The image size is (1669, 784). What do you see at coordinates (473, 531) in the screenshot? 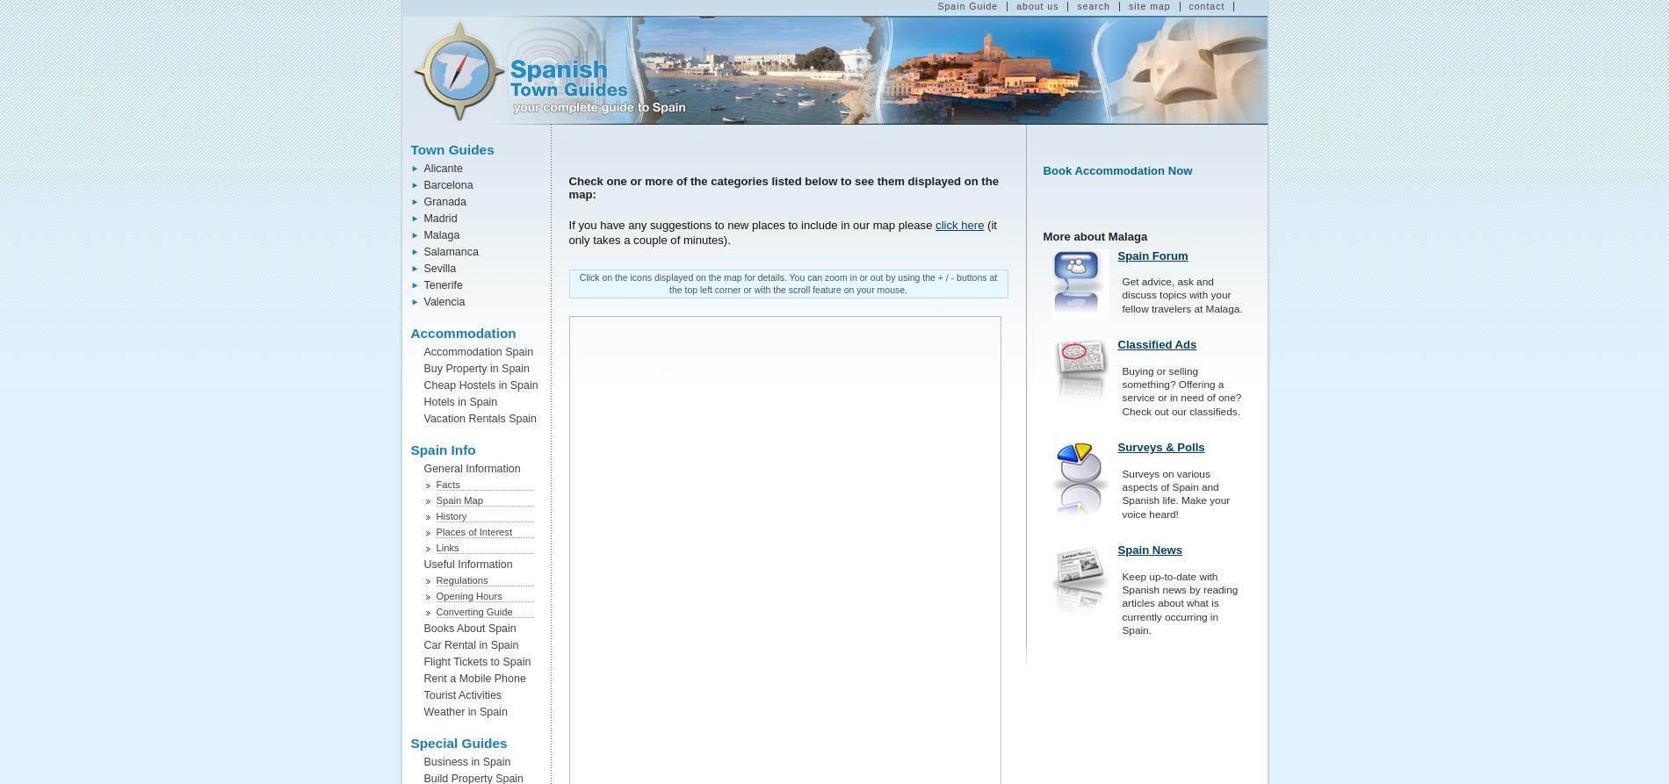
I see `'Places of Interest'` at bounding box center [473, 531].